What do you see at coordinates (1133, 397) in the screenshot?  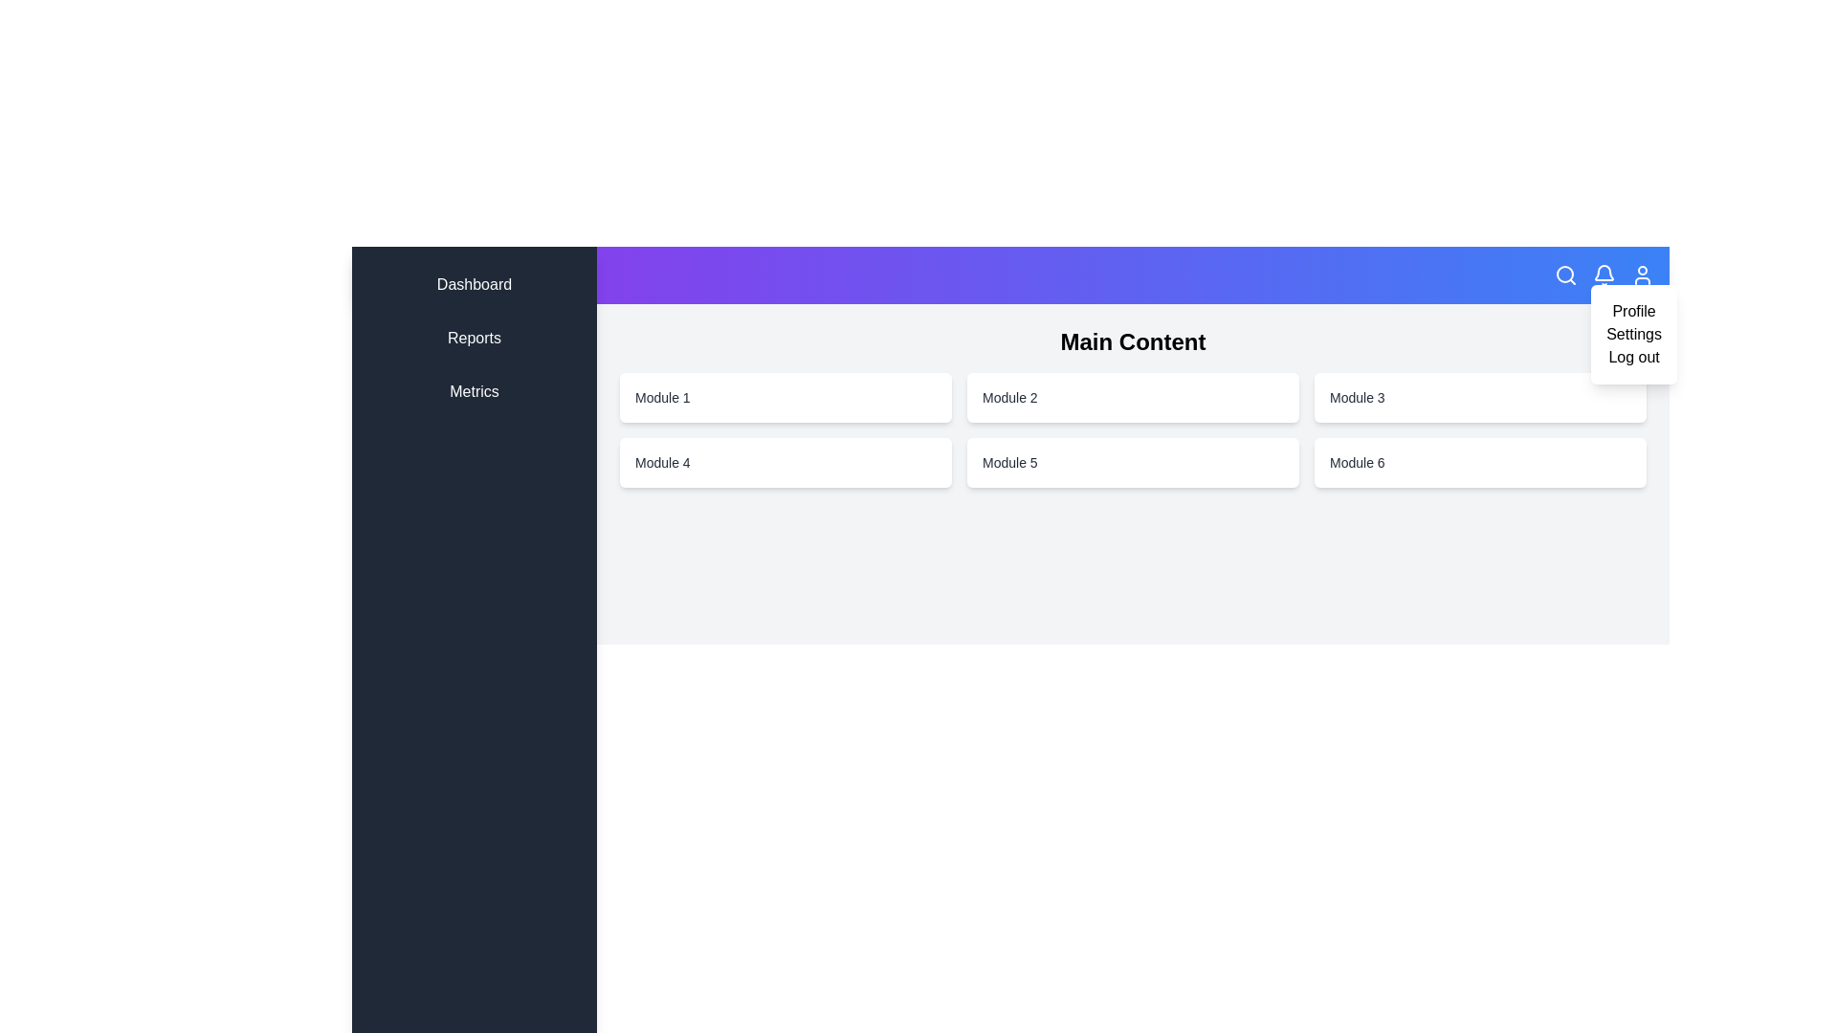 I see `the white rectangular button labeled 'Module 2'` at bounding box center [1133, 397].